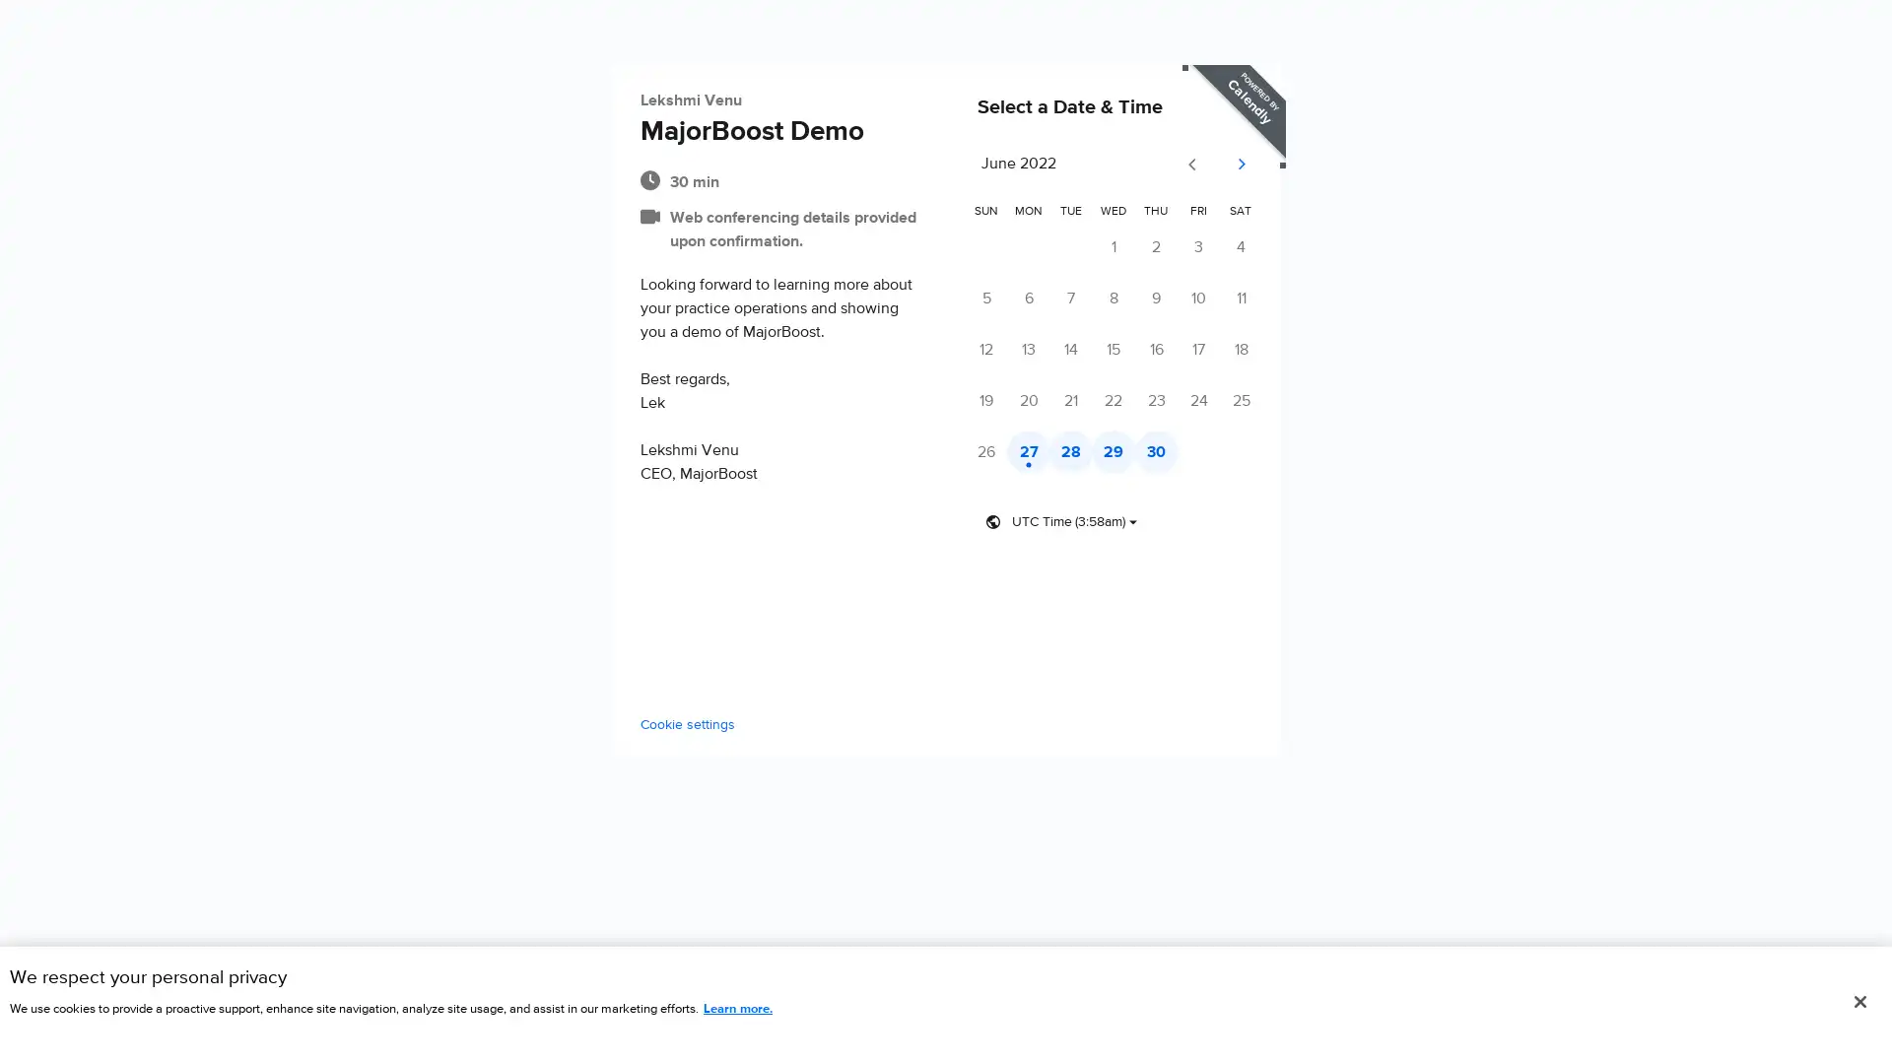  I want to click on Friday, June 17 - No times available, so click(1243, 349).